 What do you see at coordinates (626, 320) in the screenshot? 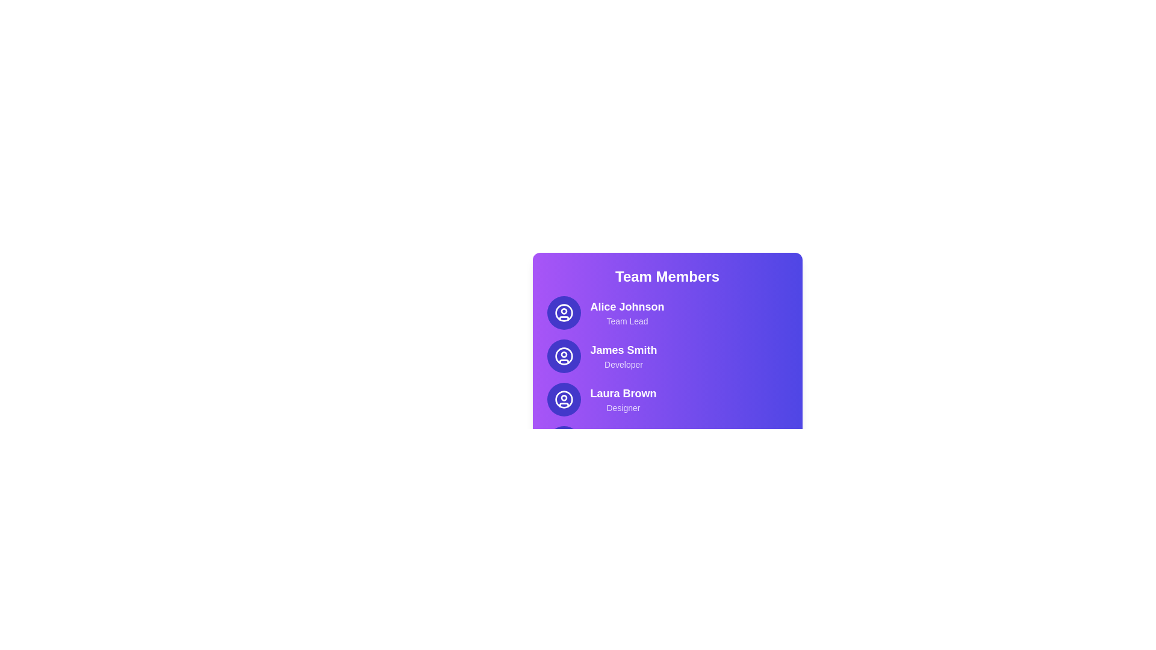
I see `the text label that serves as a role descriptor for 'Alice Johnson', located directly beneath her name in the team members list` at bounding box center [626, 320].